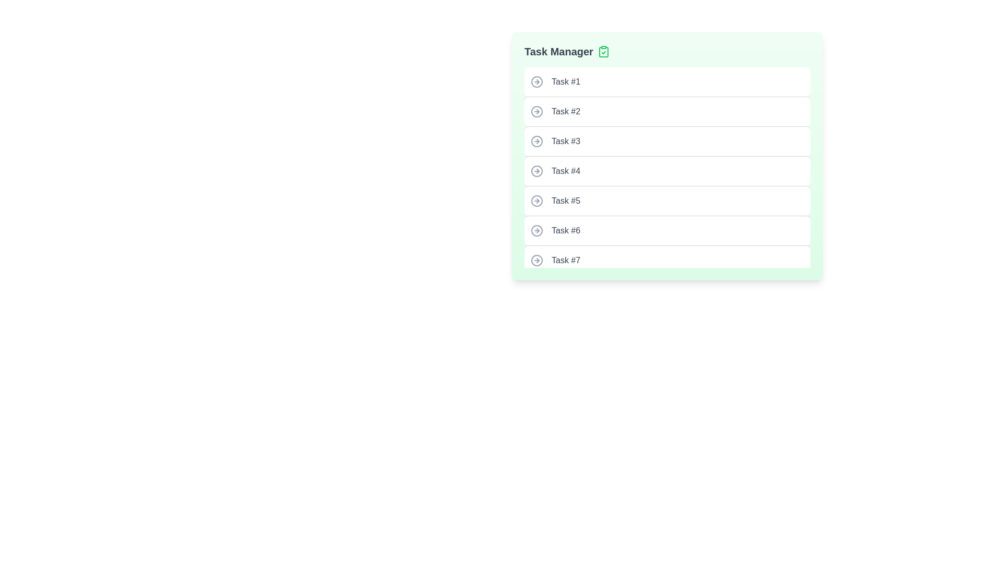 Image resolution: width=1002 pixels, height=564 pixels. Describe the element at coordinates (666, 201) in the screenshot. I see `the task labeled Task #5` at that location.